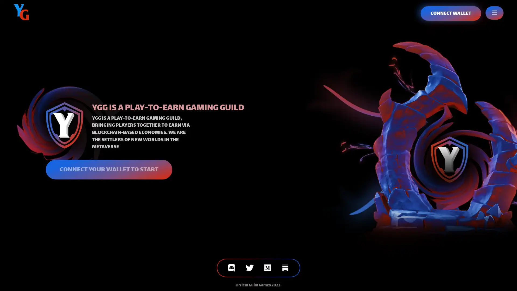 This screenshot has height=291, width=517. I want to click on CONNECT YOUR WALLET TO START, so click(109, 169).